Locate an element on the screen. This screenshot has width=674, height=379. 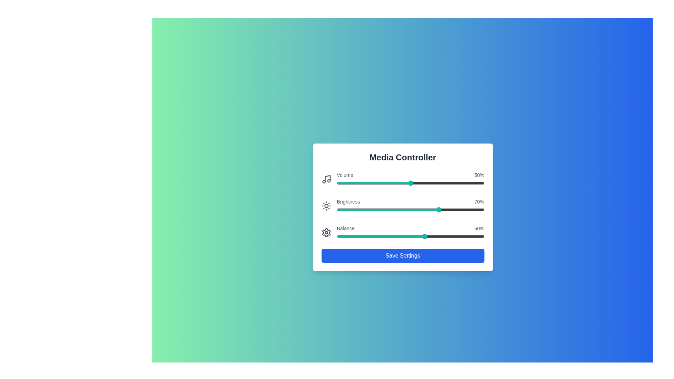
the balance slider handle to set the balance to 28% is located at coordinates (378, 237).